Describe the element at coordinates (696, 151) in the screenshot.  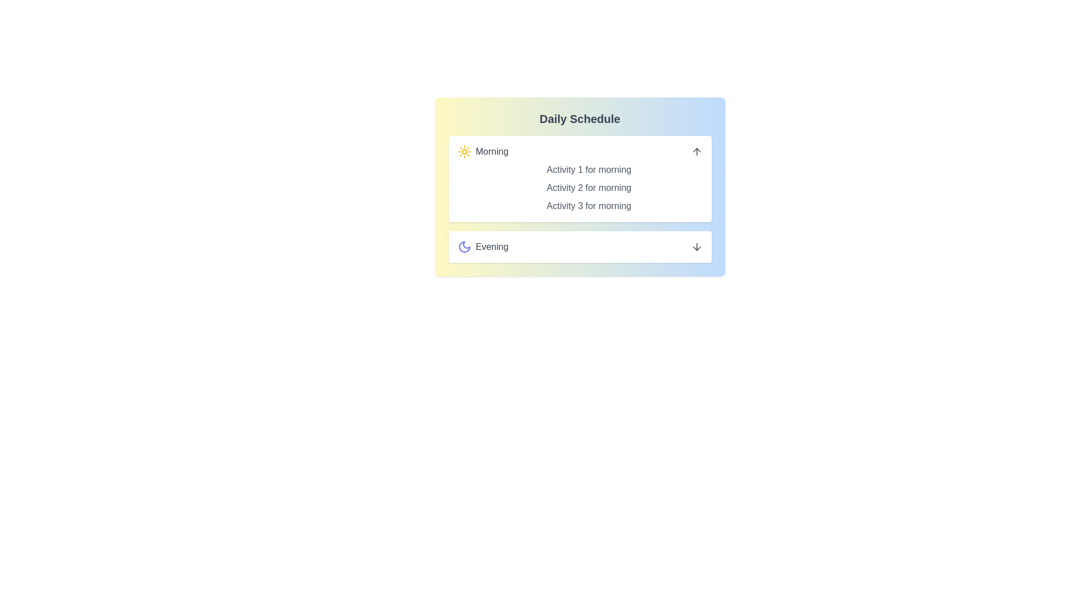
I see `the ArrowUp icon to toggle the corresponding schedule section` at that location.